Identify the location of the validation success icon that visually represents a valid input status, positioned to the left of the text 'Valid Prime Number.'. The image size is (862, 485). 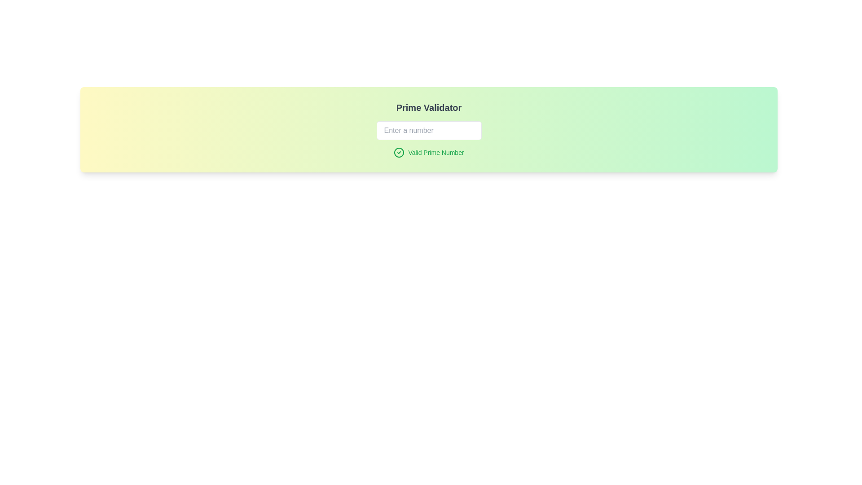
(399, 152).